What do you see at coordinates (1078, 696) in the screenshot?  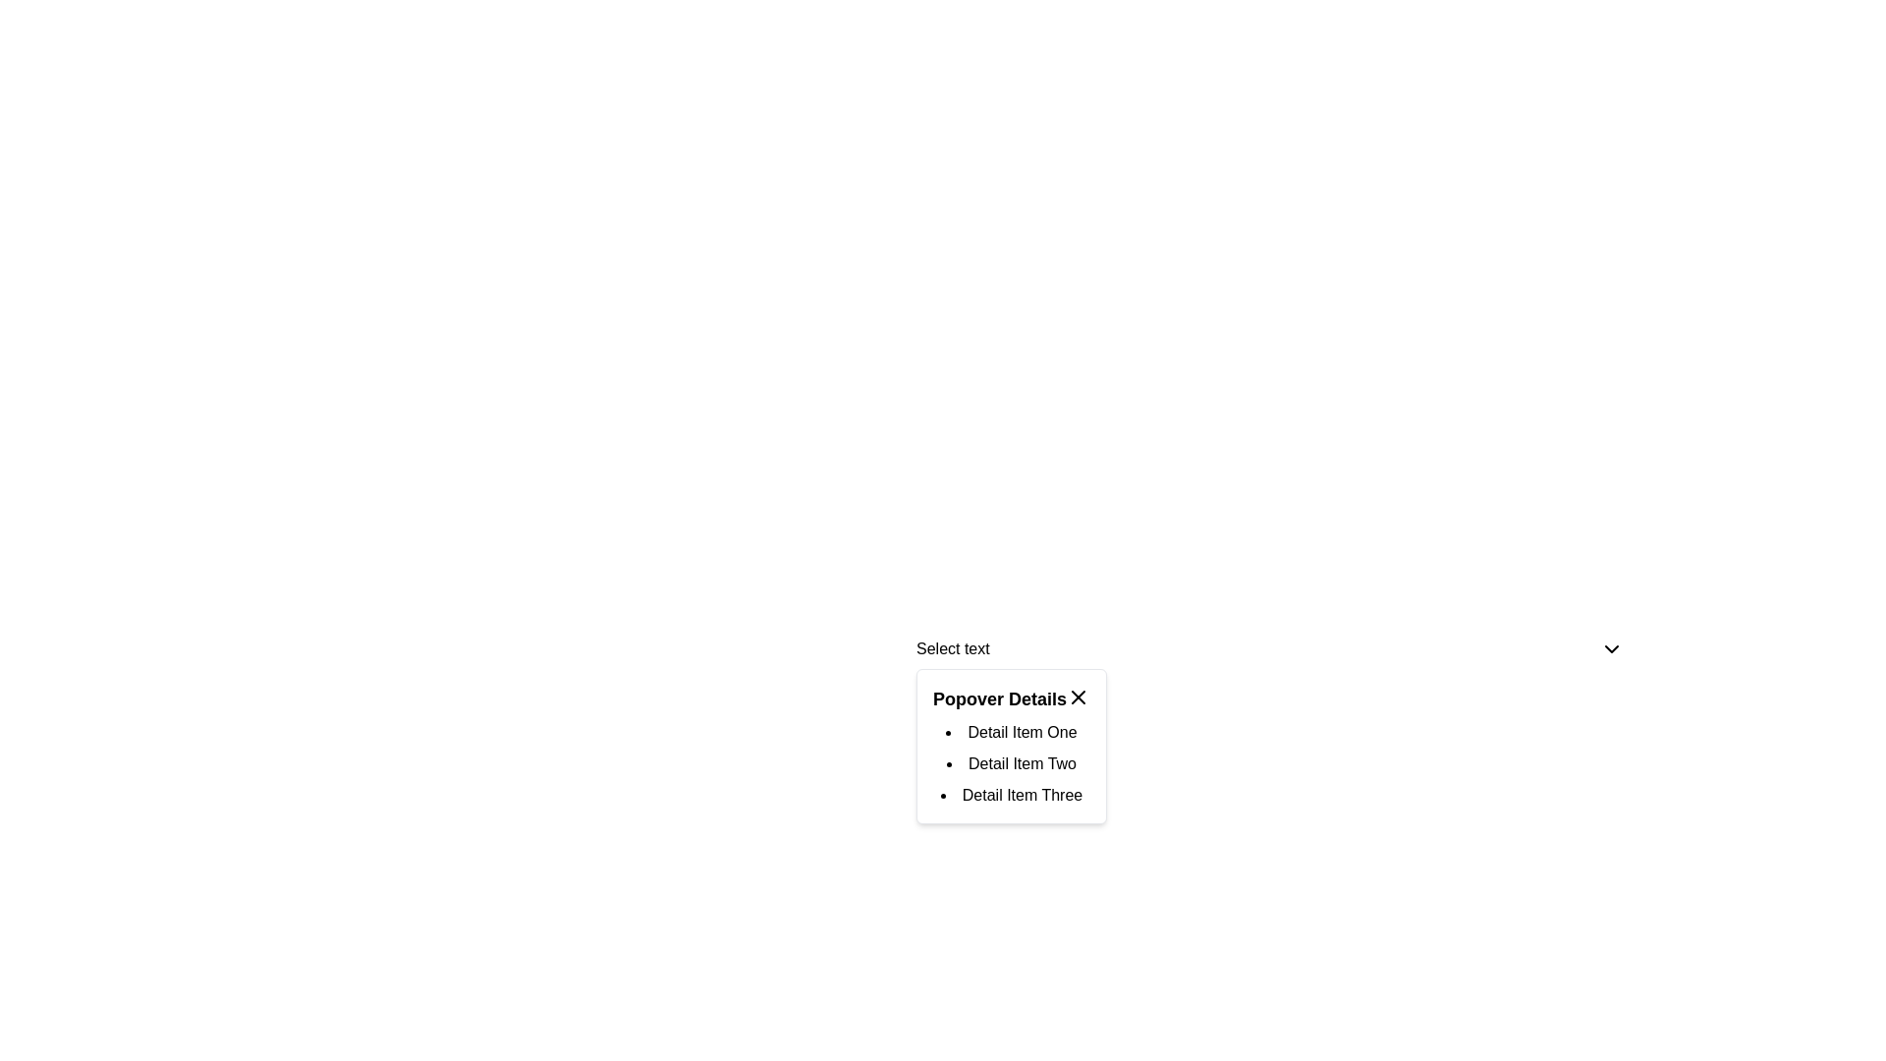 I see `the diagonal line forming the 'X' icon in the top-right section of the popover` at bounding box center [1078, 696].